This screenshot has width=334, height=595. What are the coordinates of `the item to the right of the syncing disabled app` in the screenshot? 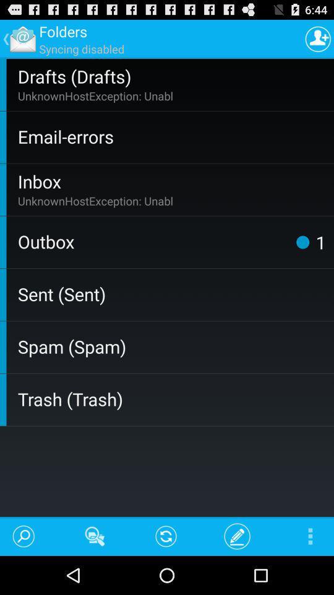 It's located at (318, 38).